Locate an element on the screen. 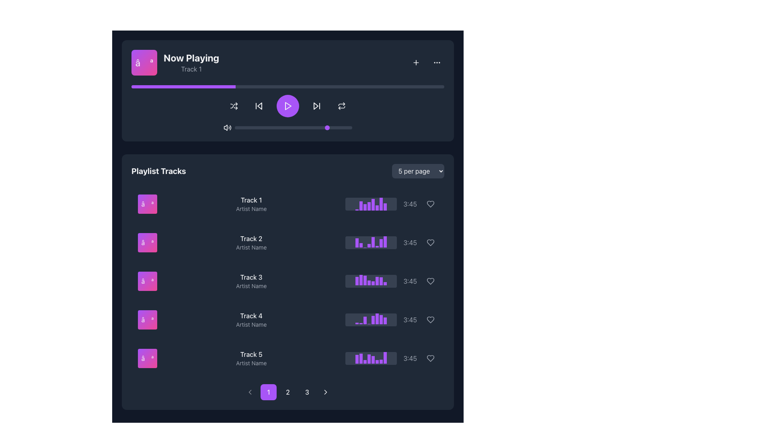 The image size is (772, 434). the third vertical bar in the grouped graphical component located at the bottom-right of the row associated with 'Track 5' in the playlist is located at coordinates (365, 362).